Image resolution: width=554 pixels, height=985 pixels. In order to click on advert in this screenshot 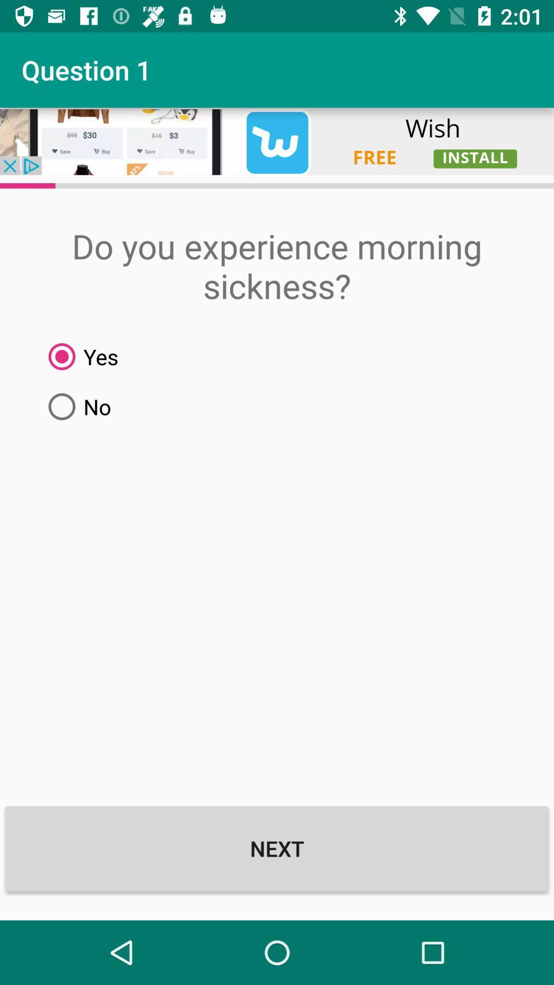, I will do `click(277, 141)`.